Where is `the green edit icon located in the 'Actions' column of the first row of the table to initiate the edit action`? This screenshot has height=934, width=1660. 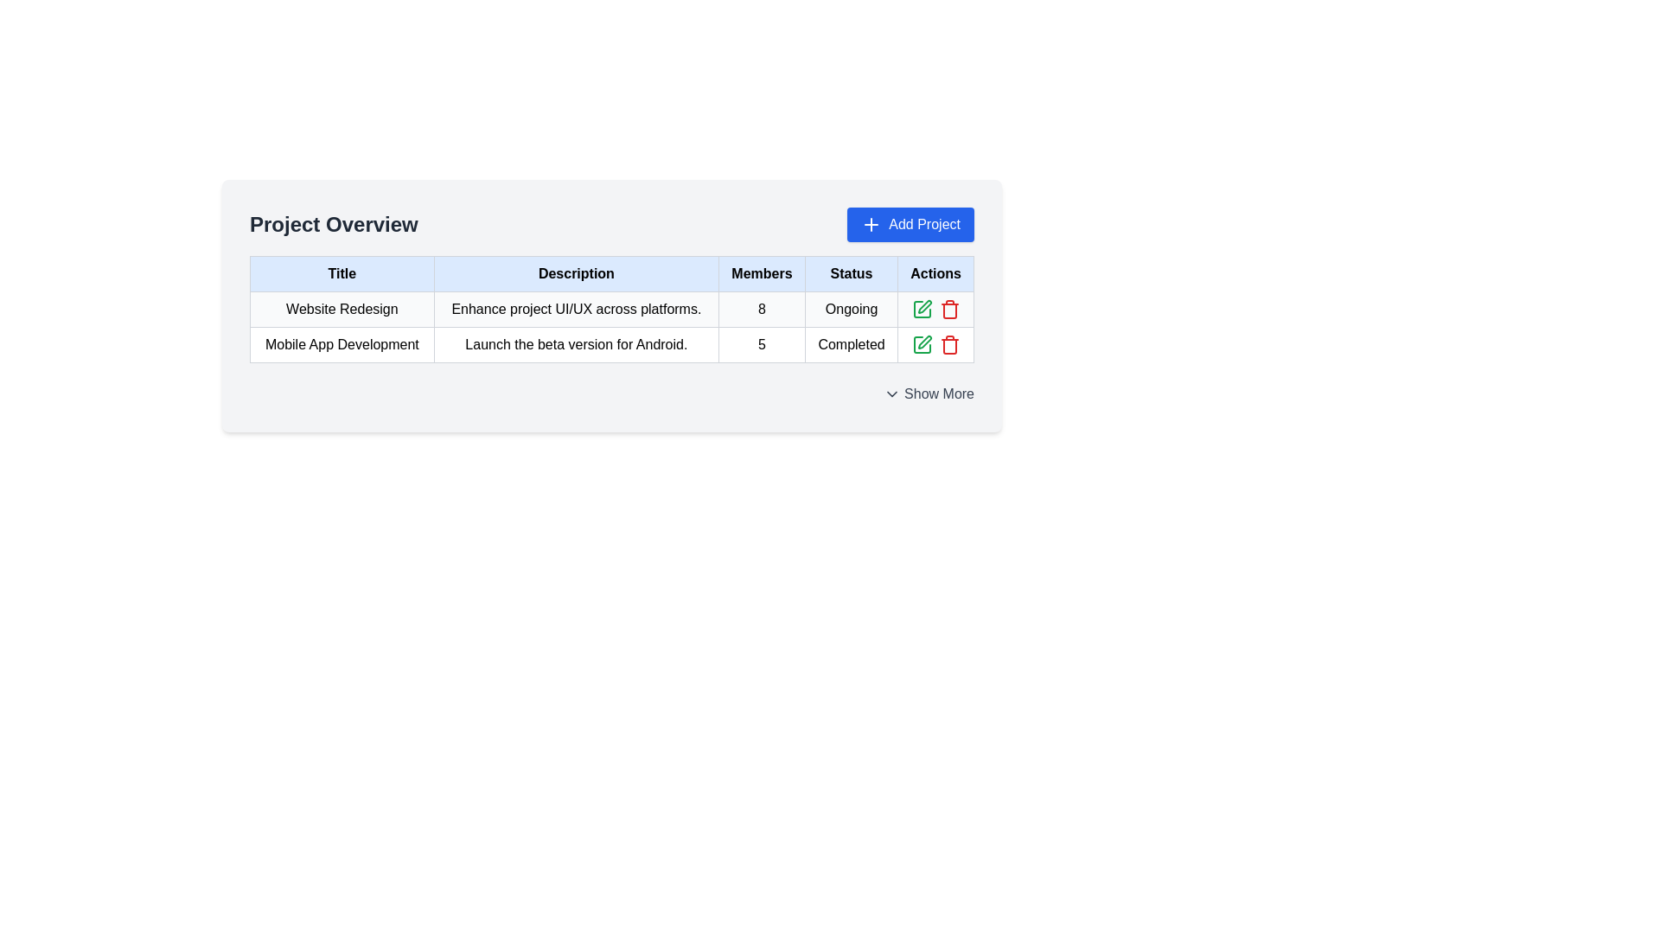
the green edit icon located in the 'Actions' column of the first row of the table to initiate the edit action is located at coordinates (935, 309).